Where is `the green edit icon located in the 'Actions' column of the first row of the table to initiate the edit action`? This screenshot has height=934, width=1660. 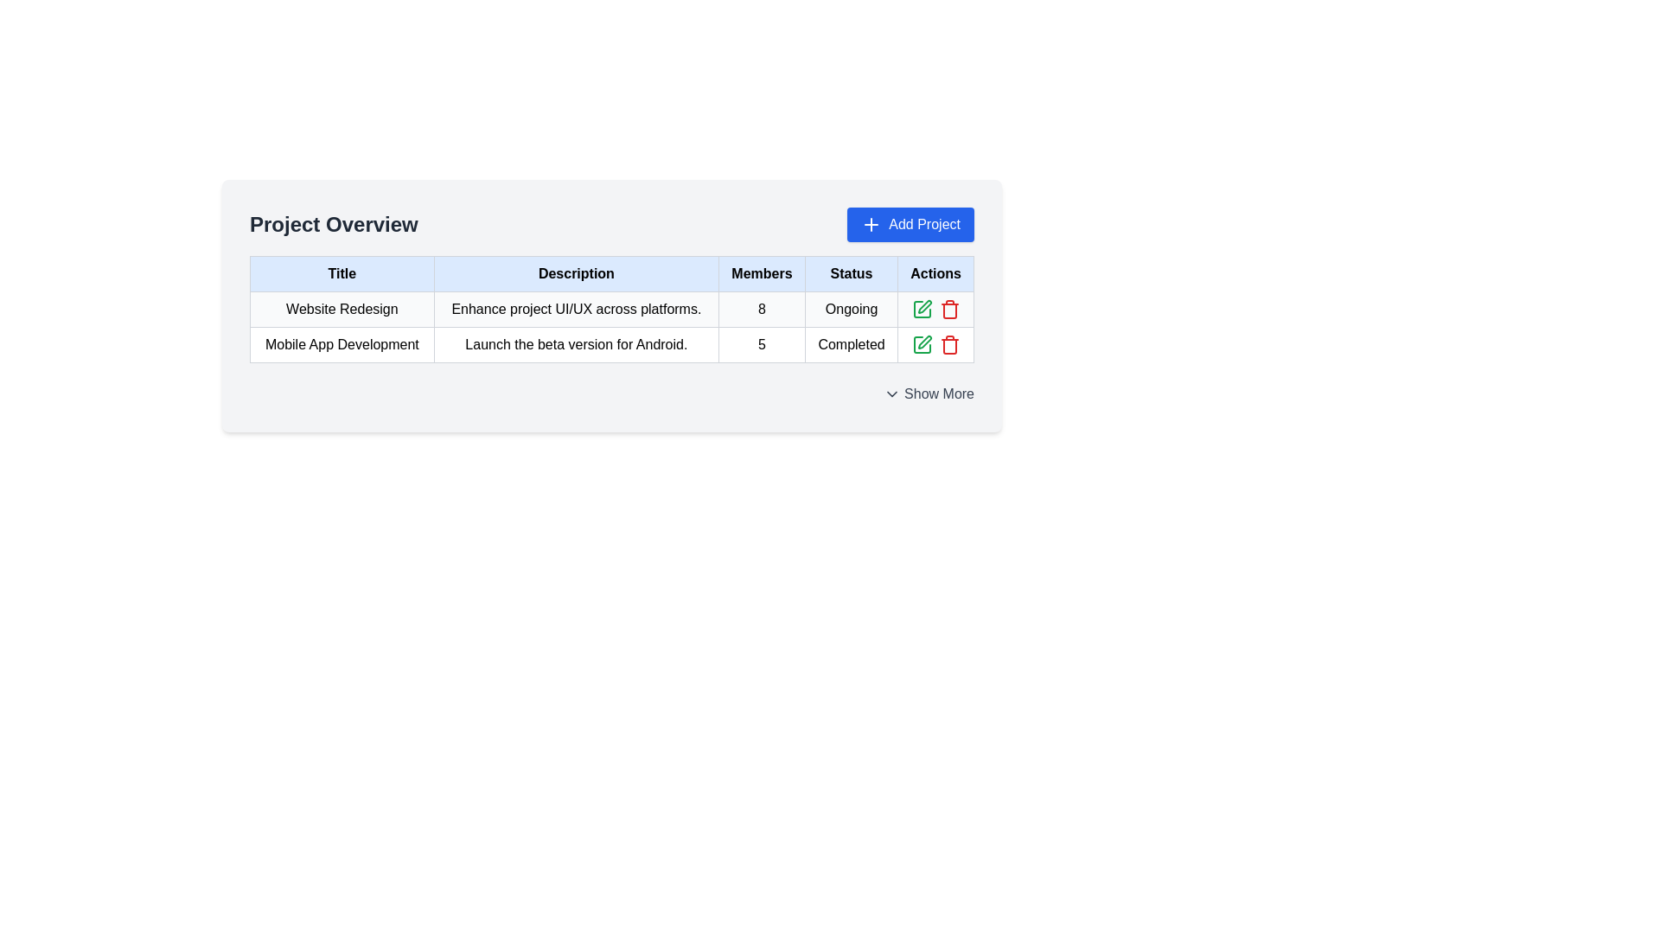
the green edit icon located in the 'Actions' column of the first row of the table to initiate the edit action is located at coordinates (935, 309).